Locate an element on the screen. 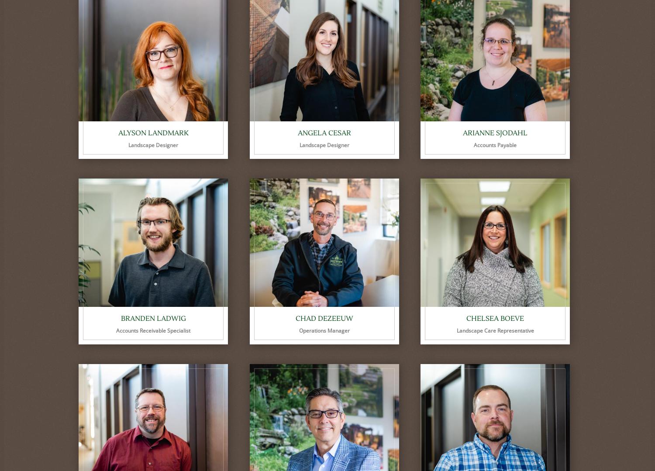 The height and width of the screenshot is (471, 655). 'Branden Ladwig' is located at coordinates (152, 318).